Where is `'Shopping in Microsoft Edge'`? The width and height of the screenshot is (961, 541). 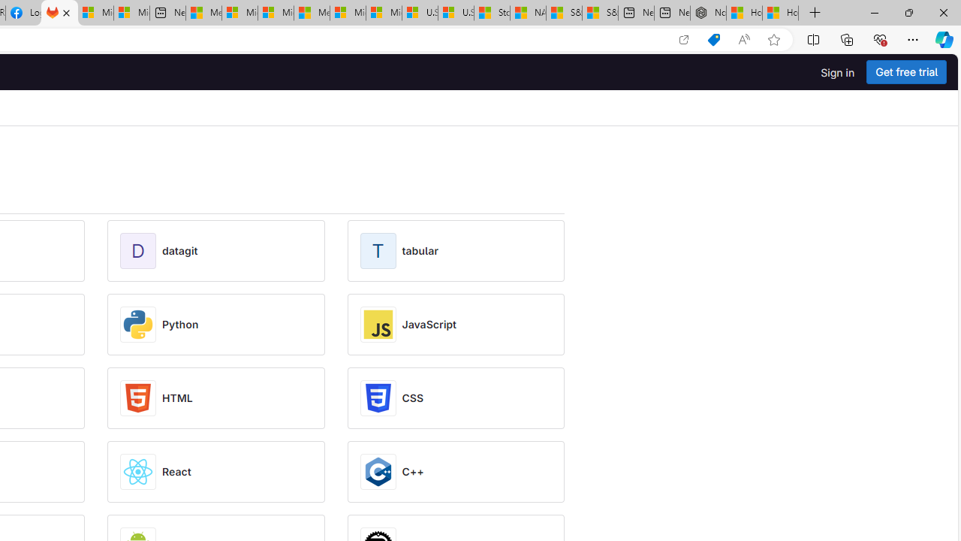
'Shopping in Microsoft Edge' is located at coordinates (713, 39).